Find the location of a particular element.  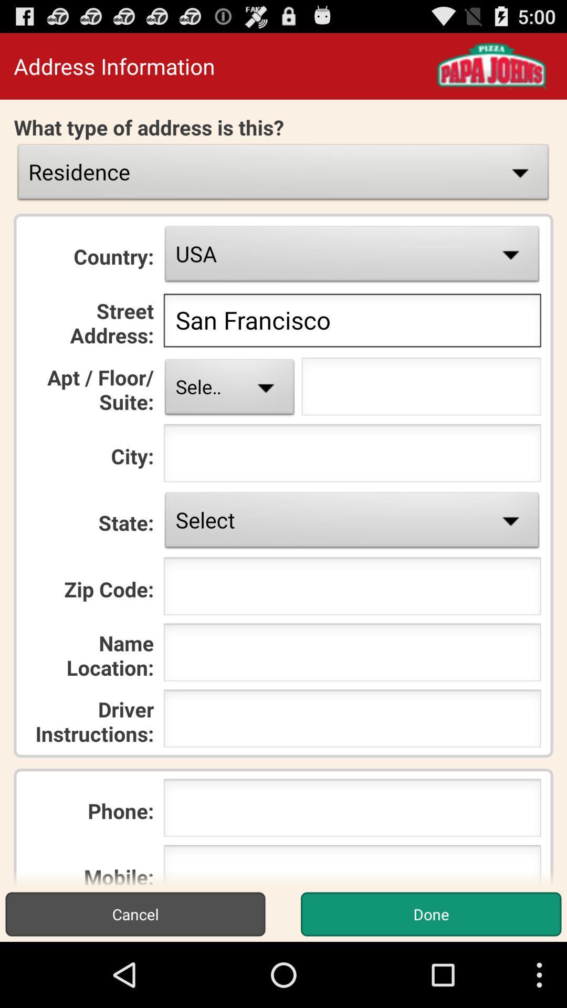

mobile phone is located at coordinates (352, 865).